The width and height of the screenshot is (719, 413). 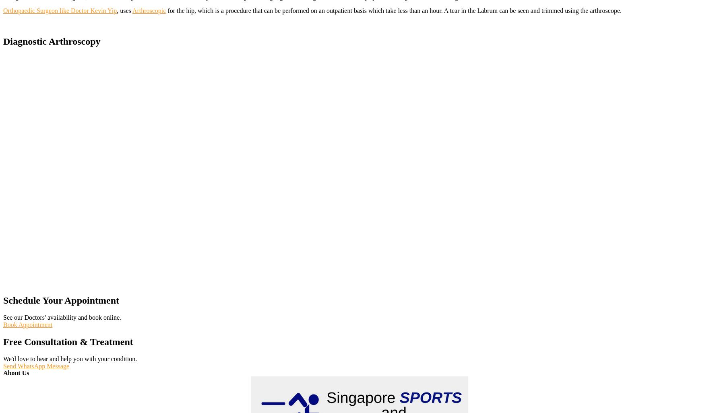 I want to click on 'Arthroscopic', so click(x=149, y=10).